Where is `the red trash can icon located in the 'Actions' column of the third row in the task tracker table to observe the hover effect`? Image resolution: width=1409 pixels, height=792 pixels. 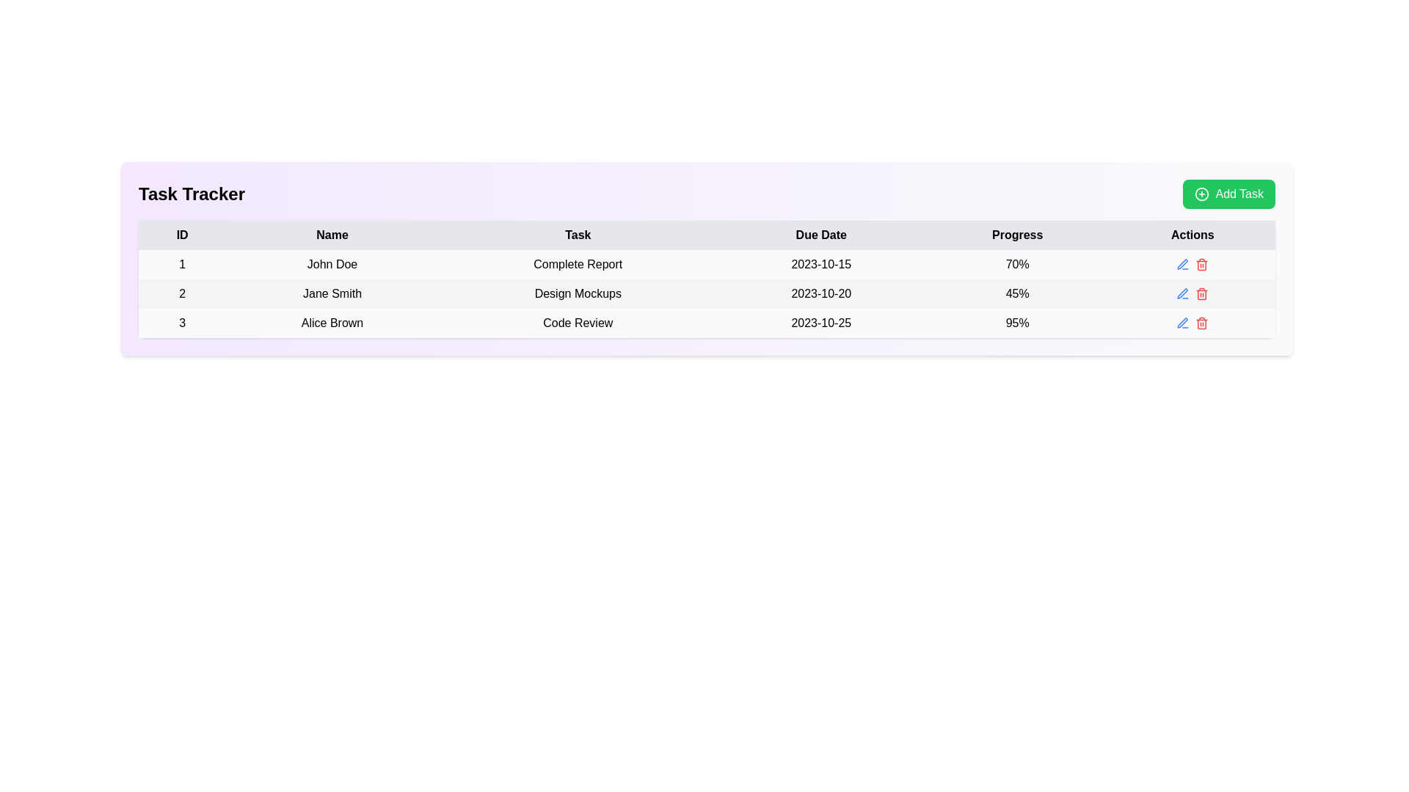 the red trash can icon located in the 'Actions' column of the third row in the task tracker table to observe the hover effect is located at coordinates (1202, 322).